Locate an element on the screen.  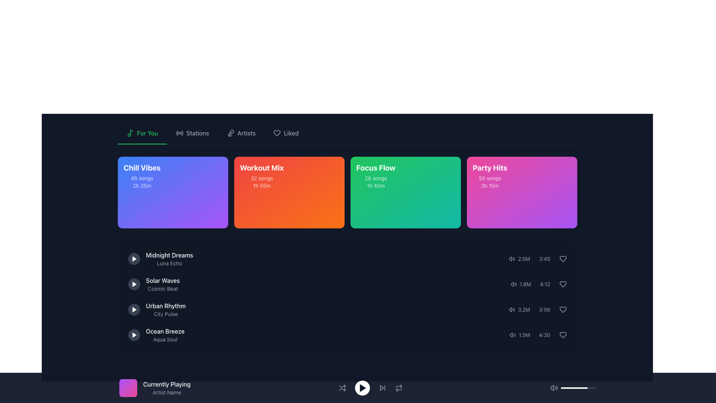
the volume is located at coordinates (582, 388).